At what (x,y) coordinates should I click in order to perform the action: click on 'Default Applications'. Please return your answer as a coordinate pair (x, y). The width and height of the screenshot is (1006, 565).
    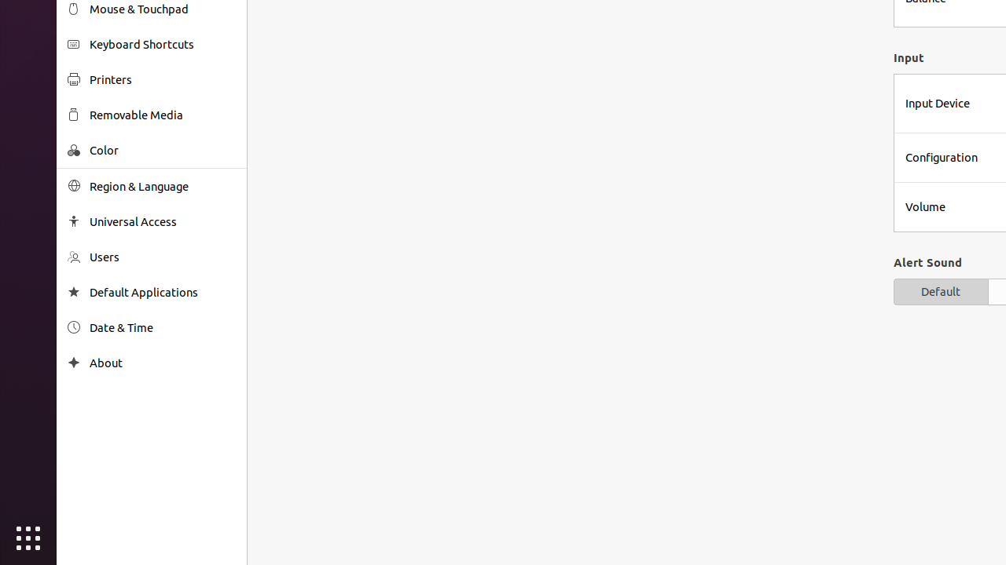
    Looking at the image, I should click on (162, 292).